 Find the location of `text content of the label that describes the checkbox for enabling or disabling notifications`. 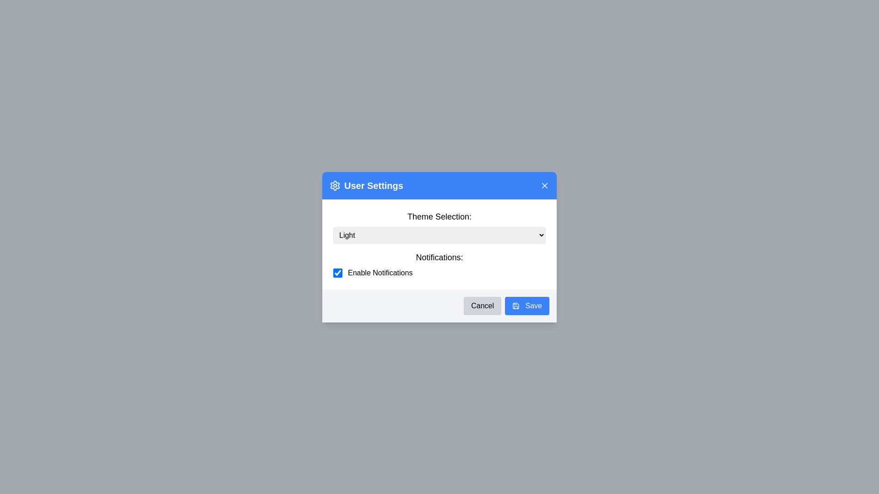

text content of the label that describes the checkbox for enabling or disabling notifications is located at coordinates (380, 272).